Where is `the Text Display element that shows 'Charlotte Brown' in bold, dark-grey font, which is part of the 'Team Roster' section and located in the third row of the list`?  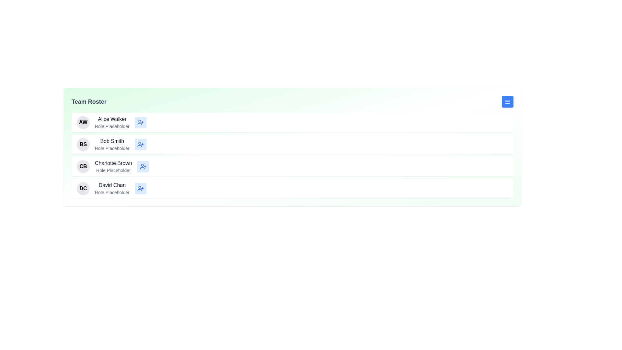
the Text Display element that shows 'Charlotte Brown' in bold, dark-grey font, which is part of the 'Team Roster' section and located in the third row of the list is located at coordinates (113, 163).